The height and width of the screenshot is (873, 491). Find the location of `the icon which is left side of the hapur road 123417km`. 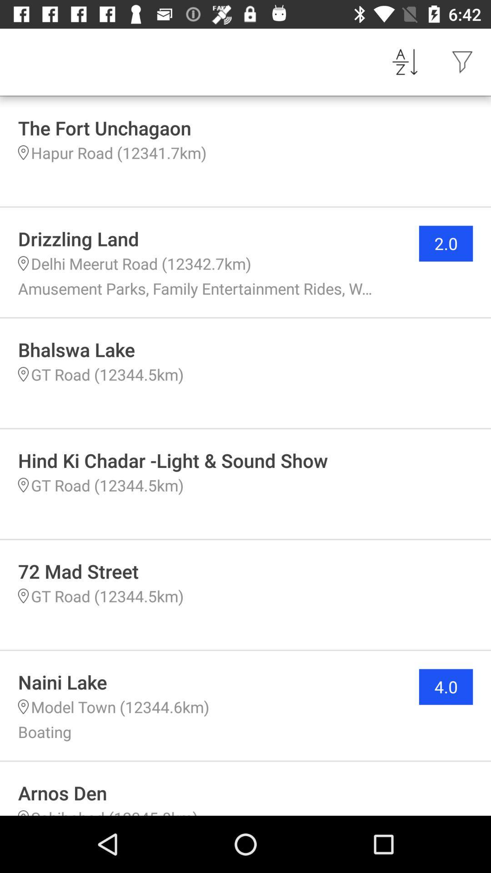

the icon which is left side of the hapur road 123417km is located at coordinates (23, 153).